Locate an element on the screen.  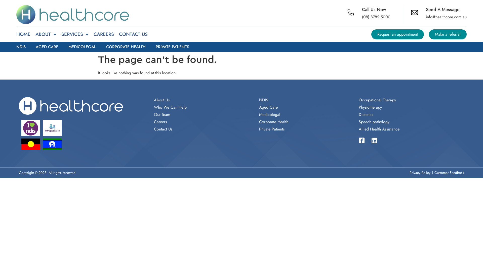
'Call Us Now' is located at coordinates (374, 10).